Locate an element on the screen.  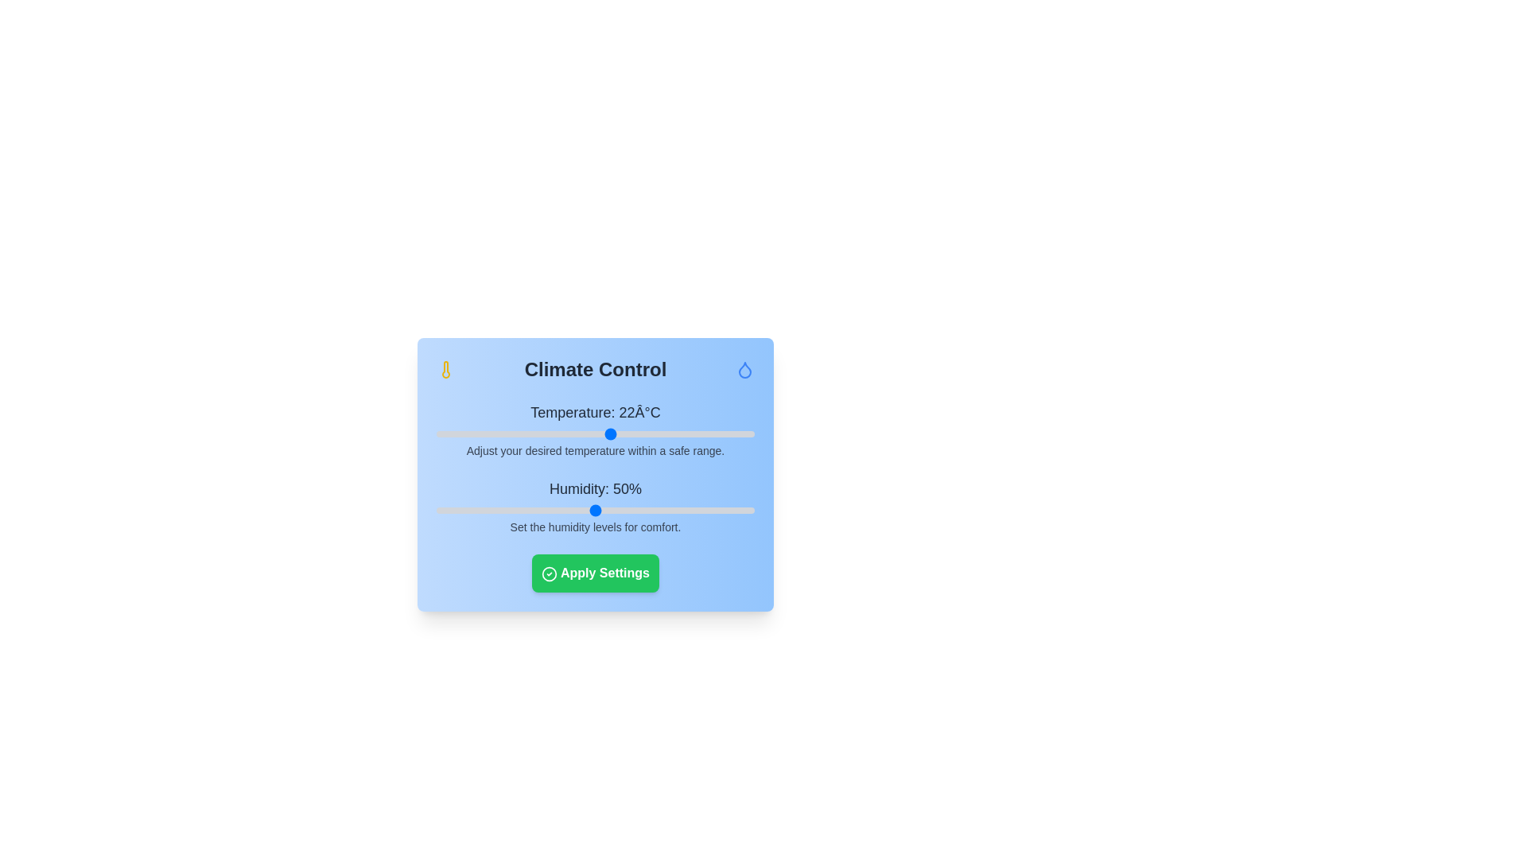
the humidity is located at coordinates (617, 510).